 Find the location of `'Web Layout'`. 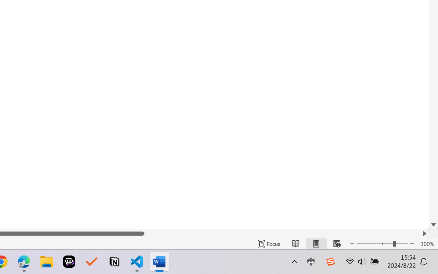

'Web Layout' is located at coordinates (337, 244).